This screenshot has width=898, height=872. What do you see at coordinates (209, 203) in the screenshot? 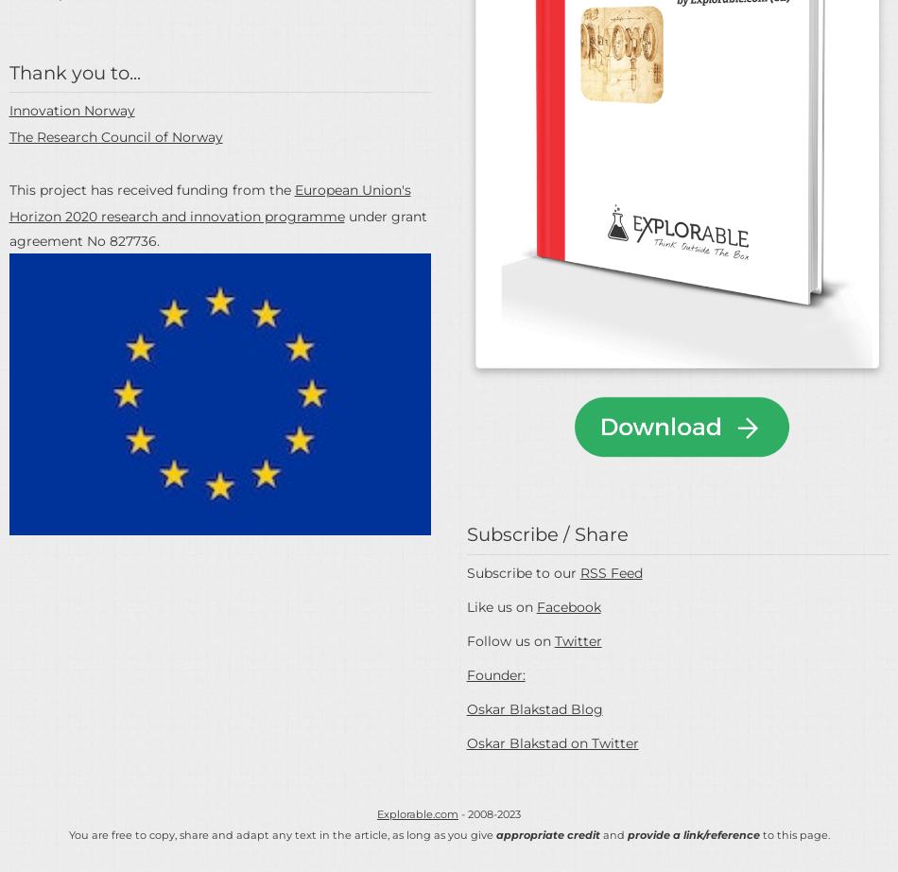
I see `'European Union's Horizon 2020 research and innovation programme'` at bounding box center [209, 203].